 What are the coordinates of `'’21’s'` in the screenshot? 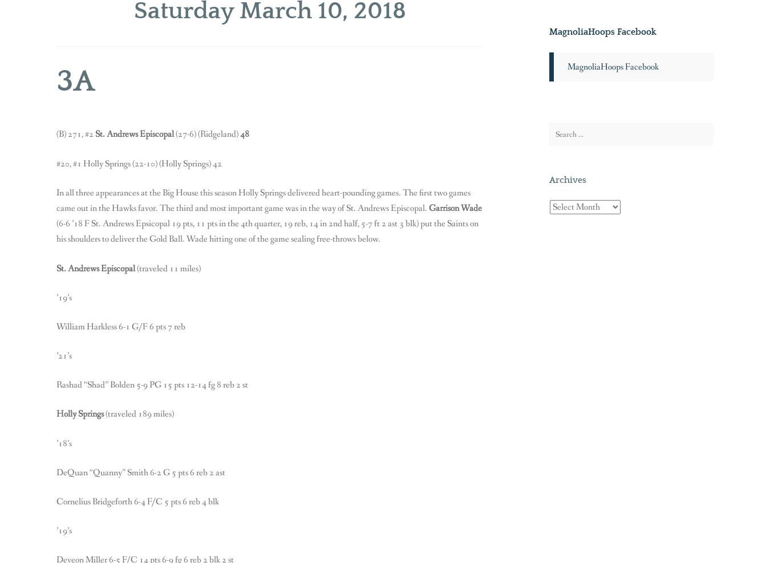 It's located at (63, 355).